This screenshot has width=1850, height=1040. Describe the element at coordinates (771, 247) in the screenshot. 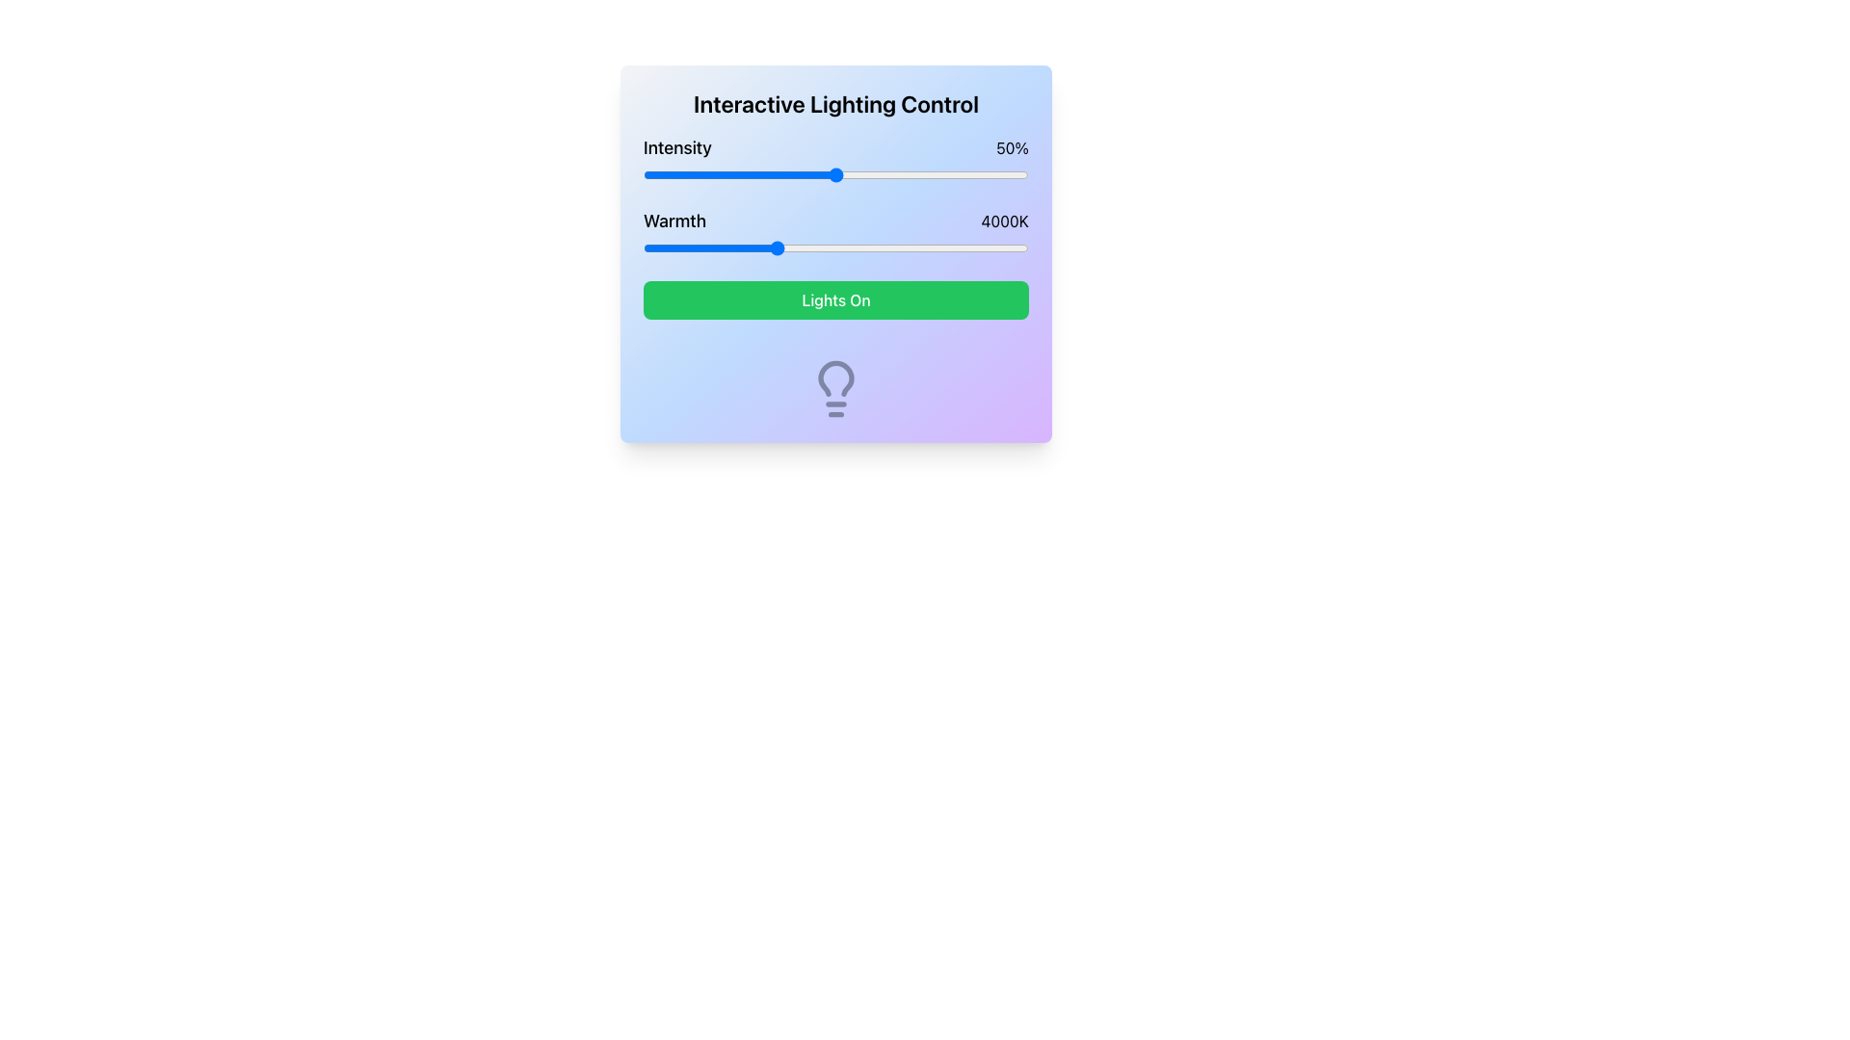

I see `warmth` at that location.